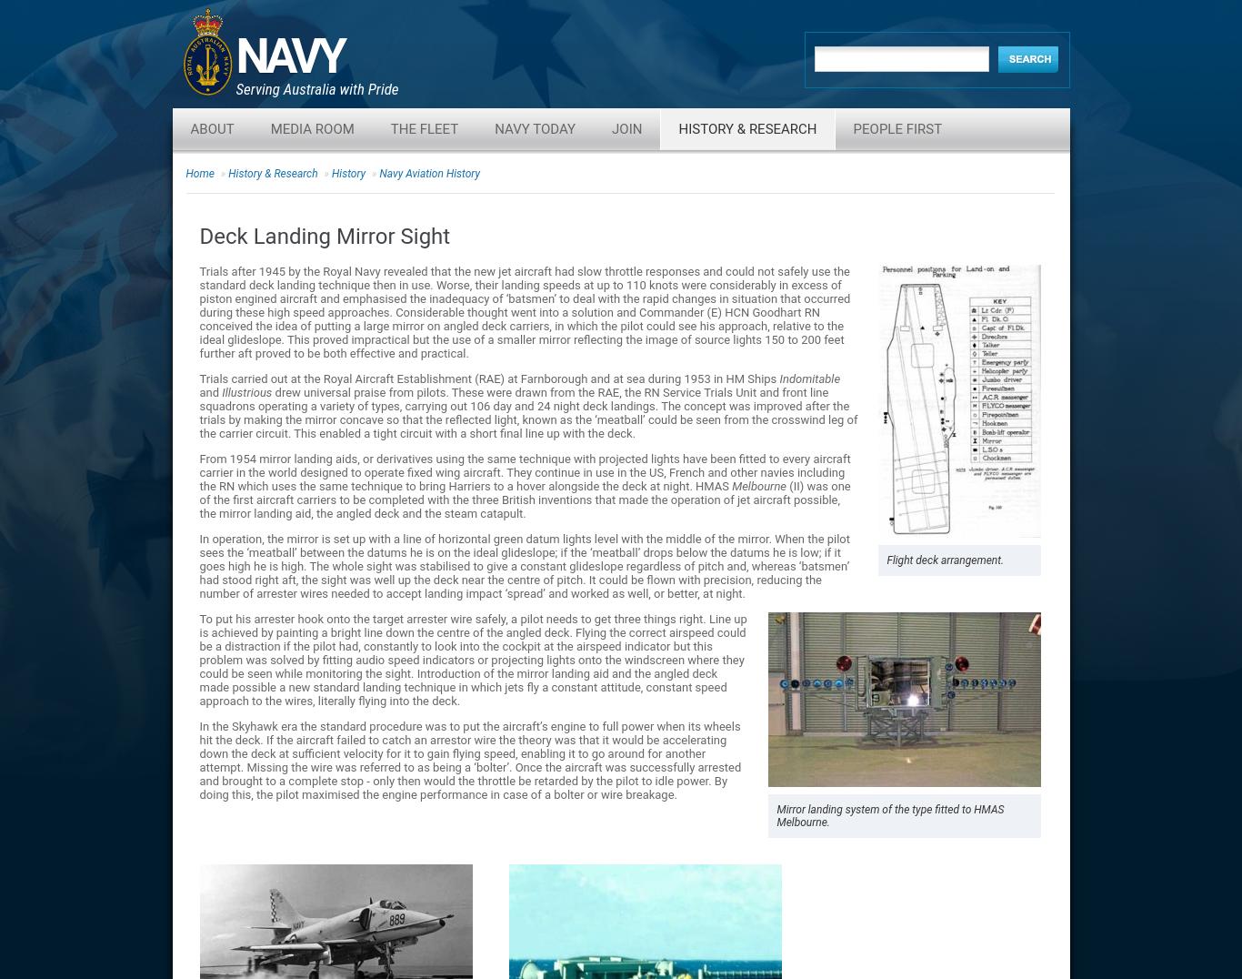  What do you see at coordinates (523, 566) in the screenshot?
I see `'In operation, the mirror is set up with a line of horizontal green datum lights level with the middle of the mirror. When the pilot sees the ‘meatball’ between the datums he is on the ideal glideslope; if the ‘meatball’ drops below the datums he is low; if it goes high he is high. The whole sight was stabilised to give a constant glideslope regardless of pitch and, whereas ‘batsmen’ had stood right aft, the sight was well up the deck near the centre of pitch. It could be flown with precision, reducing the number of arrester wires needed to accept landing impact ‘spread’ and worked as well, or better, at night.'` at bounding box center [523, 566].